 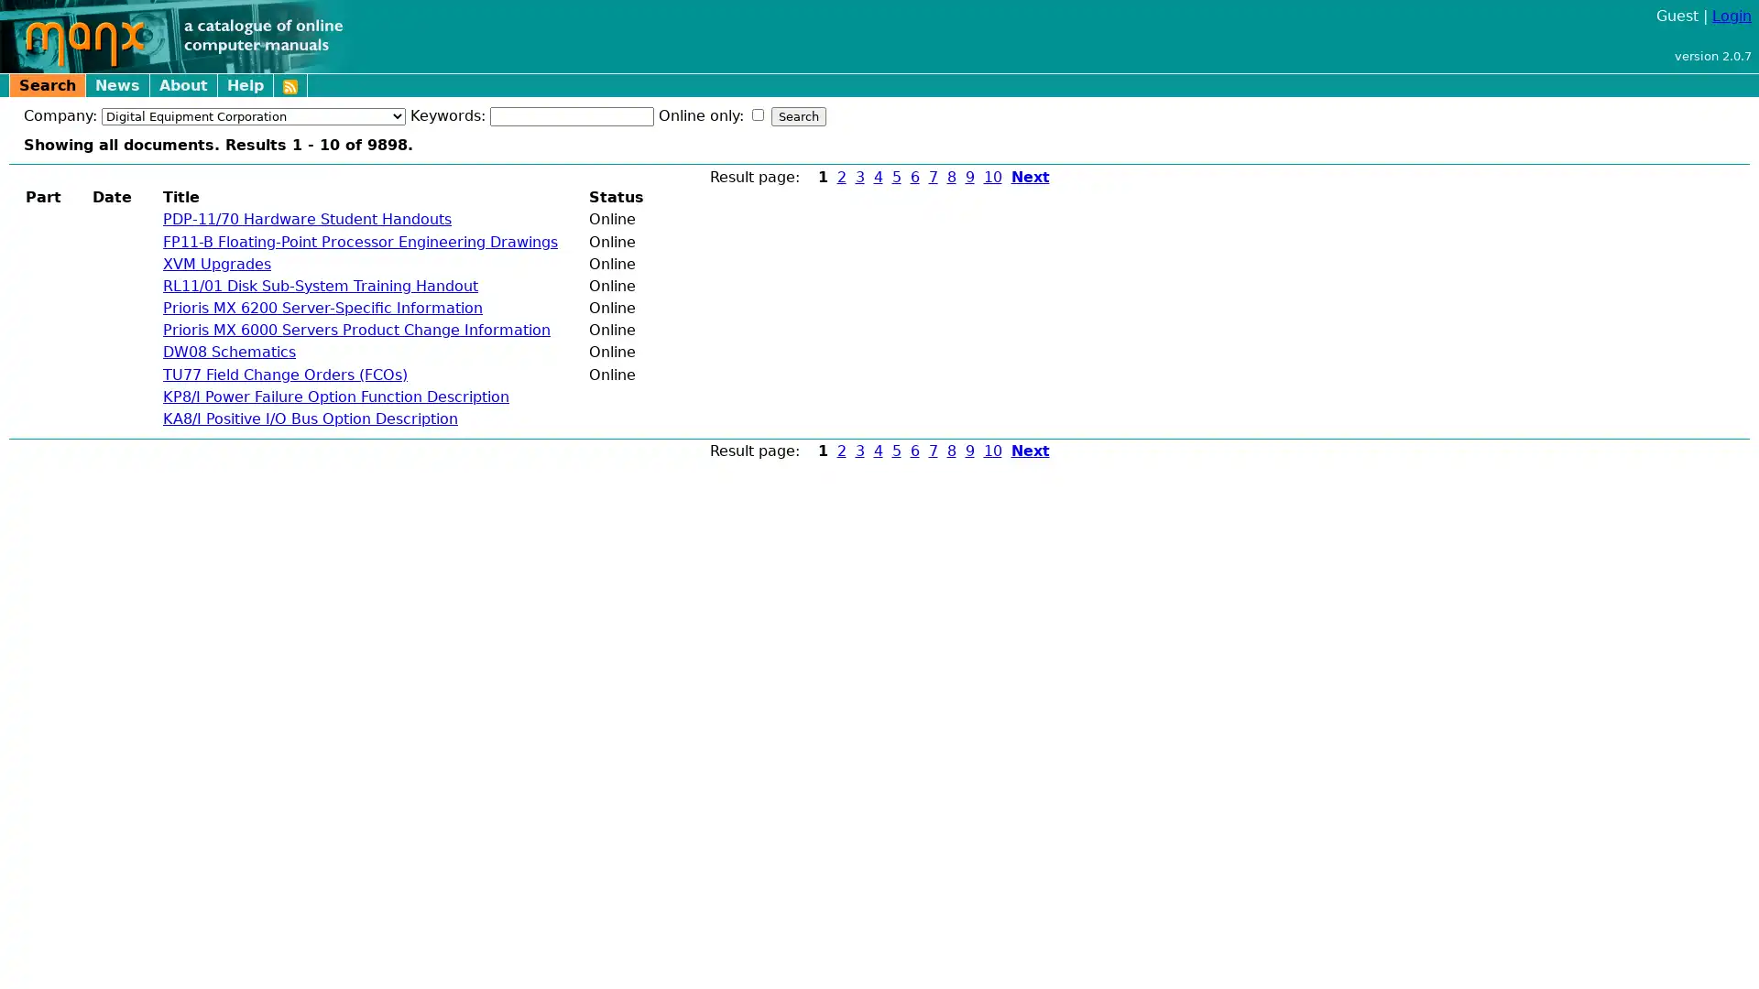 What do you see at coordinates (799, 116) in the screenshot?
I see `Search` at bounding box center [799, 116].